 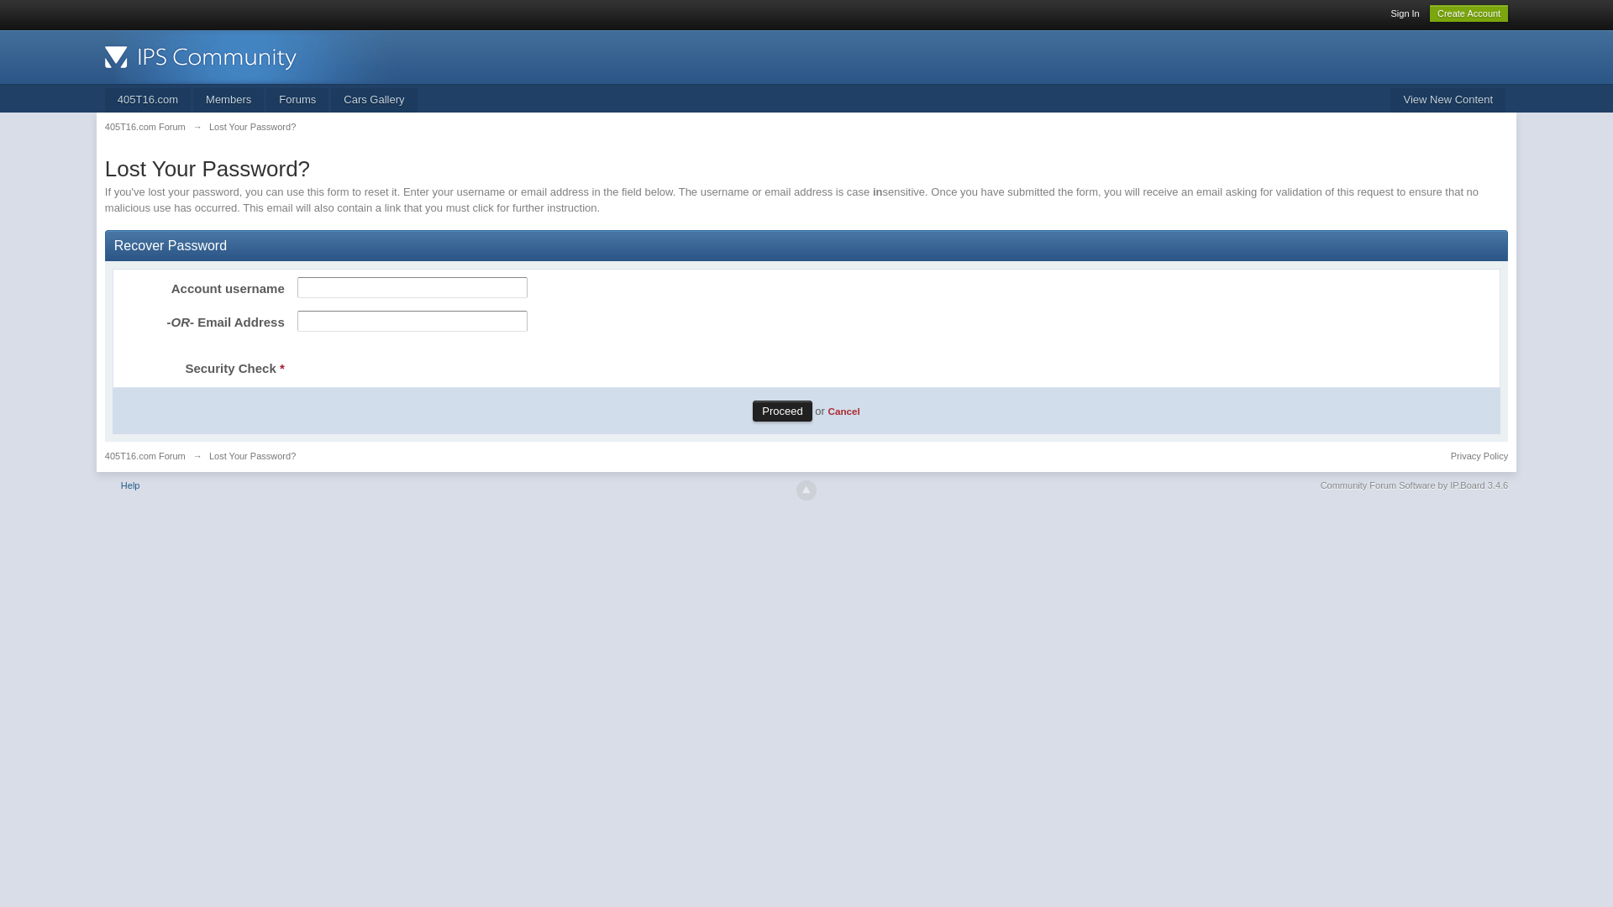 What do you see at coordinates (297, 100) in the screenshot?
I see `'Forums'` at bounding box center [297, 100].